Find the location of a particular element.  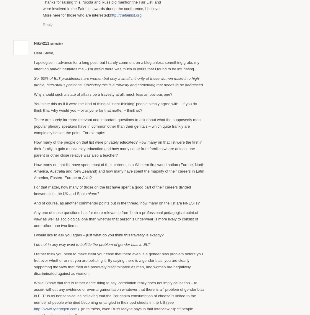

'?' is located at coordinates (97, 193).